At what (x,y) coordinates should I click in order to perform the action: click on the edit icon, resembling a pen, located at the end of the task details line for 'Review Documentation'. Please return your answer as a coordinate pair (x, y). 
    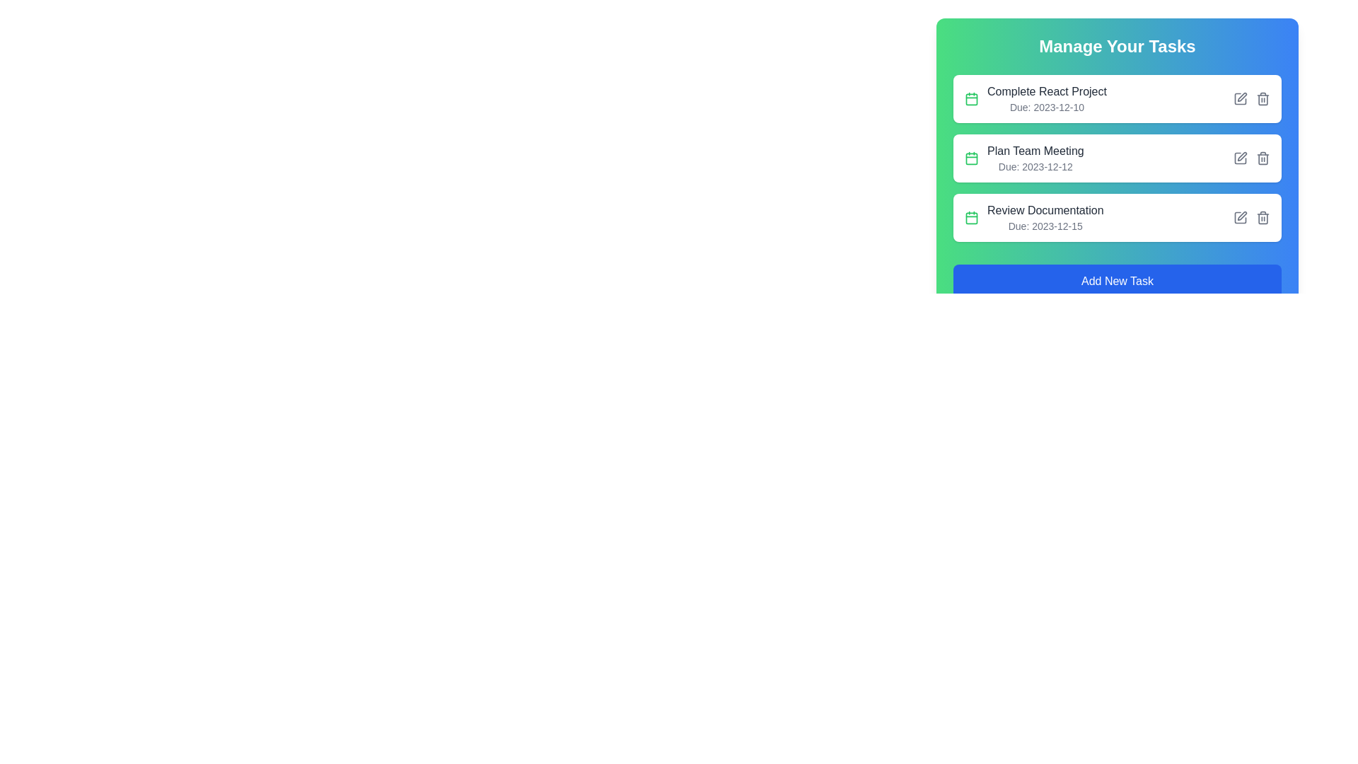
    Looking at the image, I should click on (1239, 218).